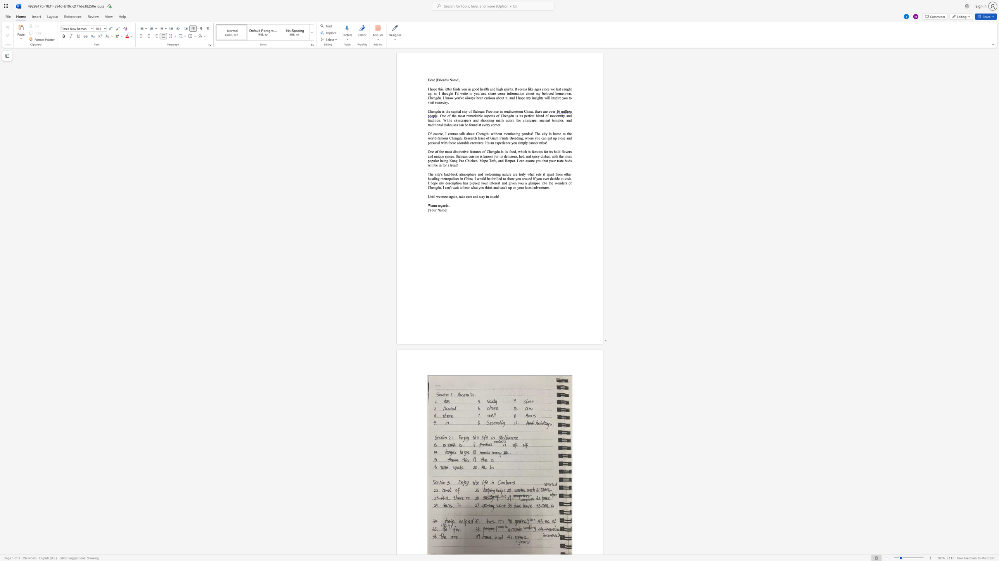 The image size is (999, 561). What do you see at coordinates (451, 80) in the screenshot?
I see `the subset text "ame]" within the text "Dear [Friend"` at bounding box center [451, 80].